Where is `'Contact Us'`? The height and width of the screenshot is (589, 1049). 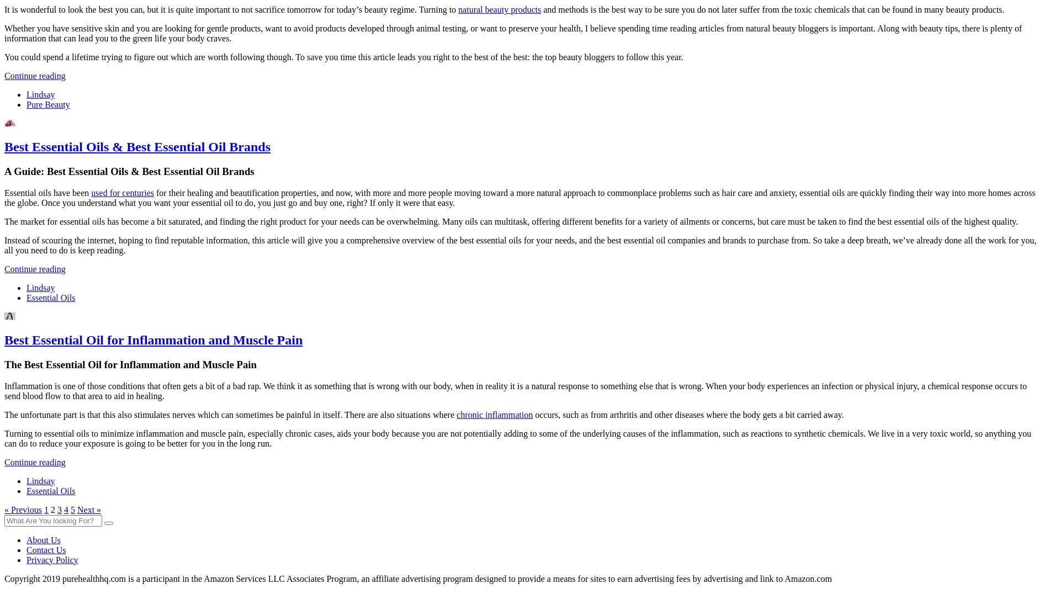
'Contact Us' is located at coordinates (46, 549).